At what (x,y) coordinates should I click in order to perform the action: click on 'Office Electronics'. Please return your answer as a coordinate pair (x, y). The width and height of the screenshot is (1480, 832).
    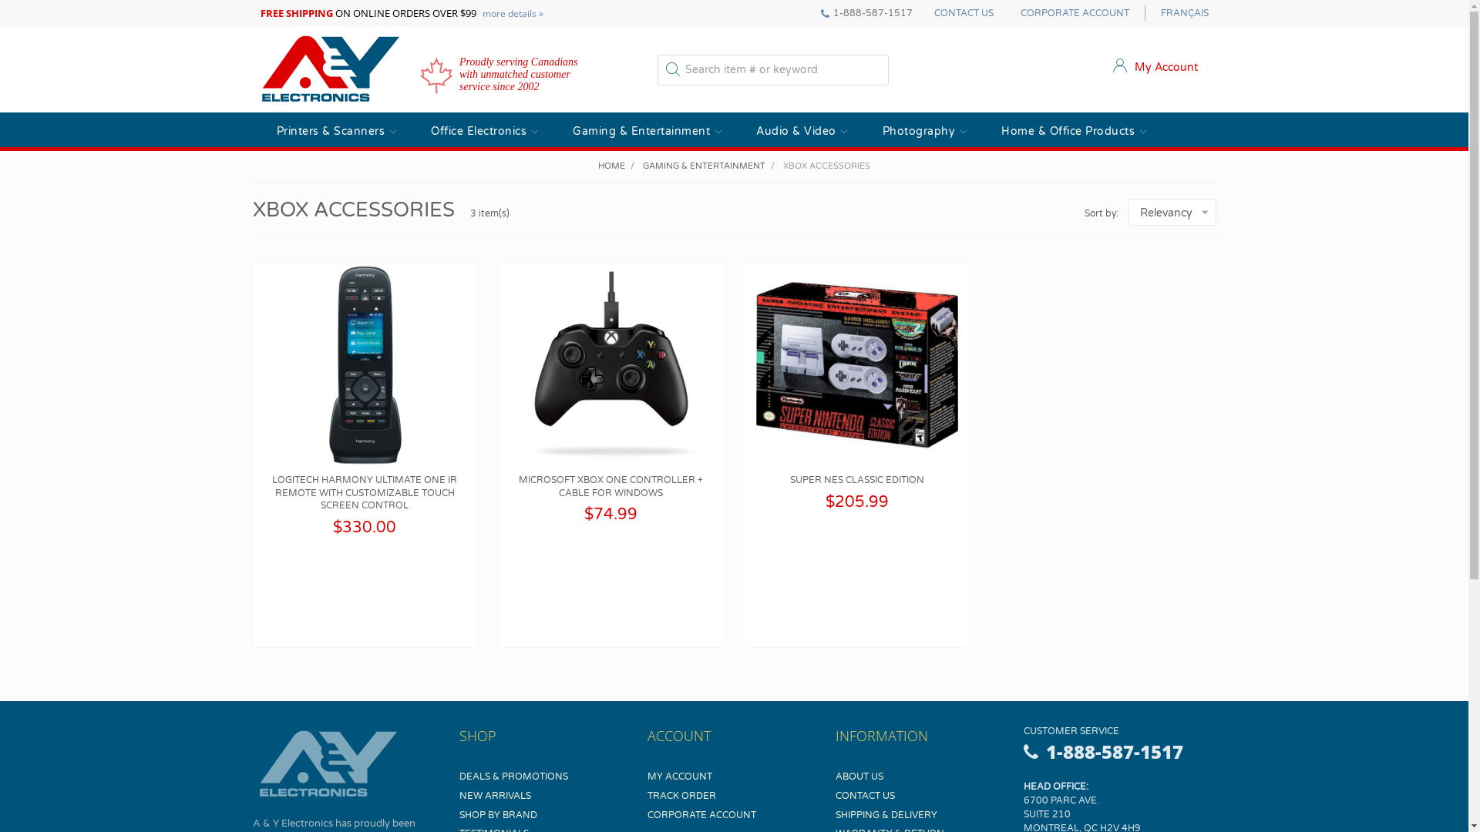
    Looking at the image, I should click on (477, 130).